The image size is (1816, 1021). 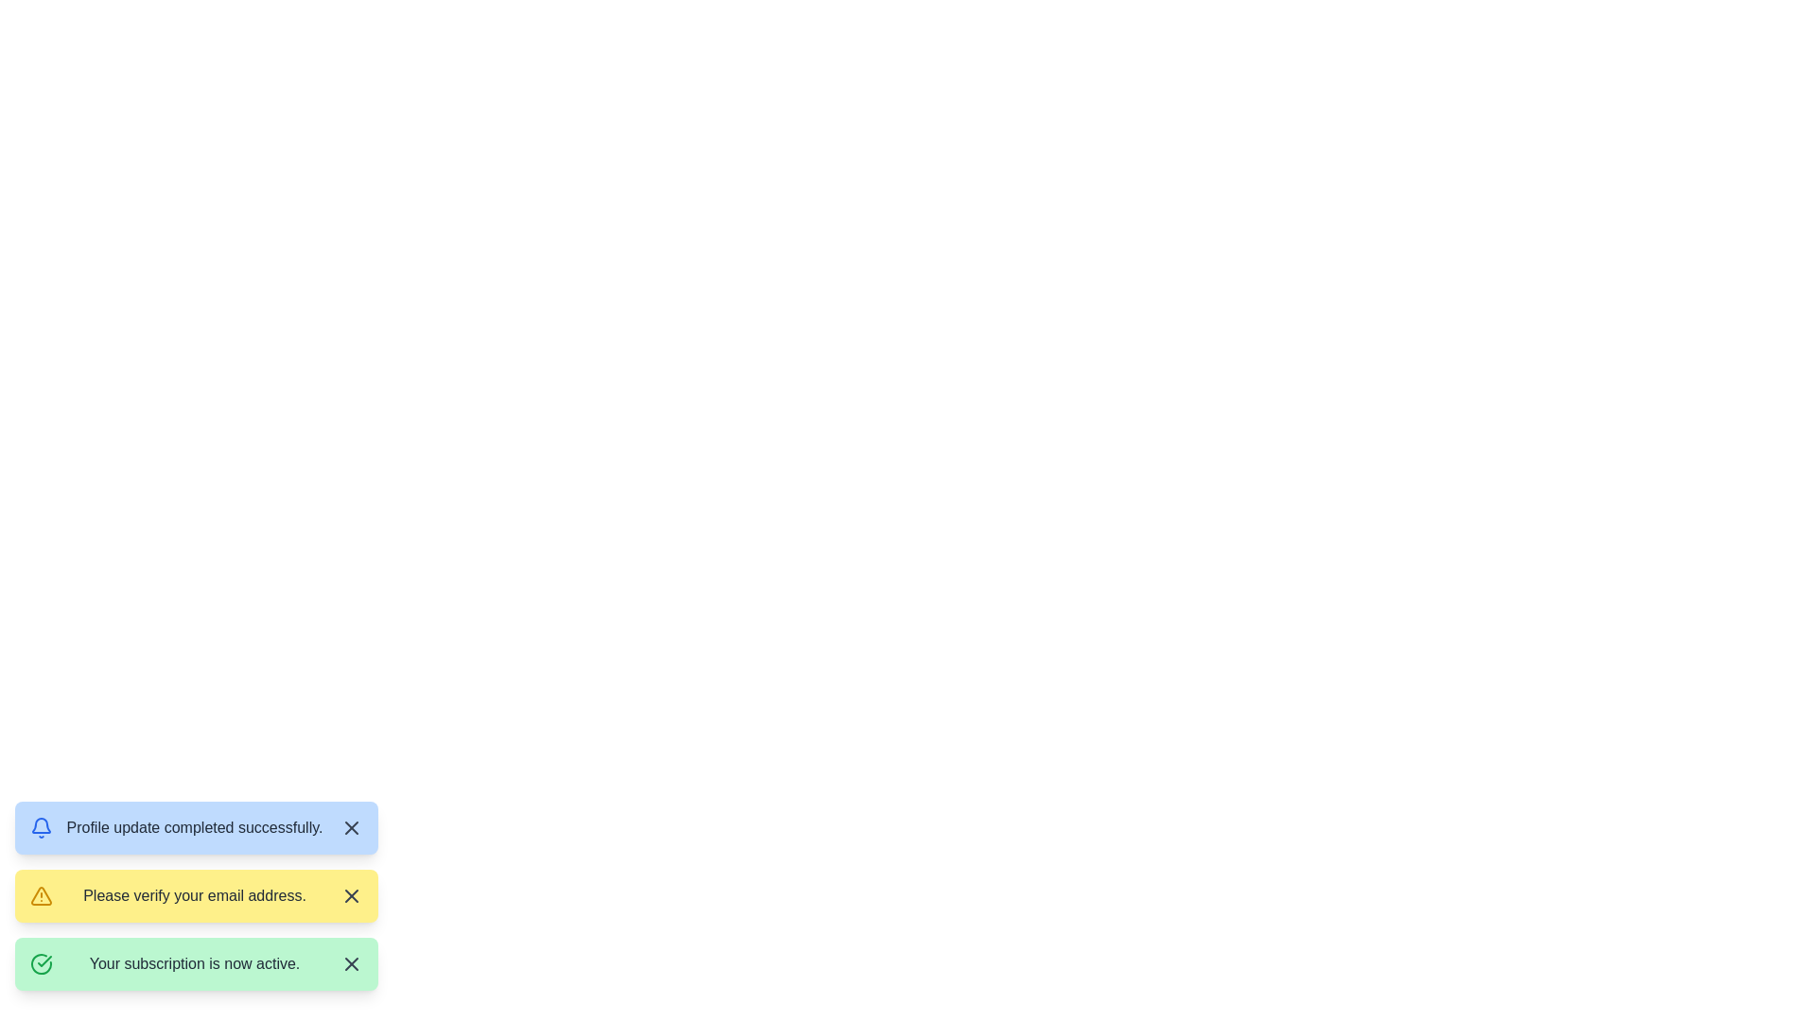 I want to click on the close button icon located on the rightmost side of the notification bar that indicates 'Profile update completed successfully', so click(x=352, y=826).